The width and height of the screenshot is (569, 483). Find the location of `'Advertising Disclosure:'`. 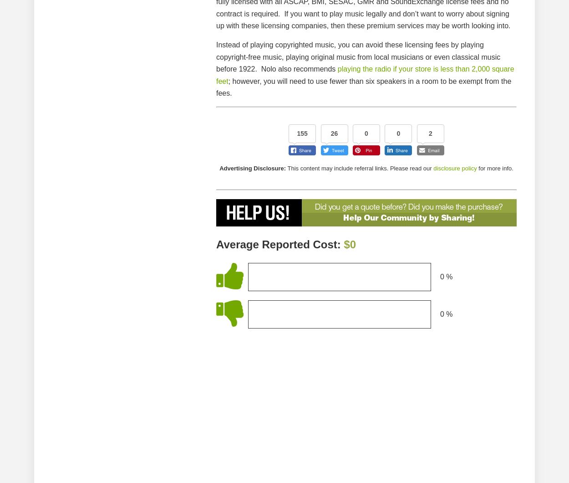

'Advertising Disclosure:' is located at coordinates (253, 168).